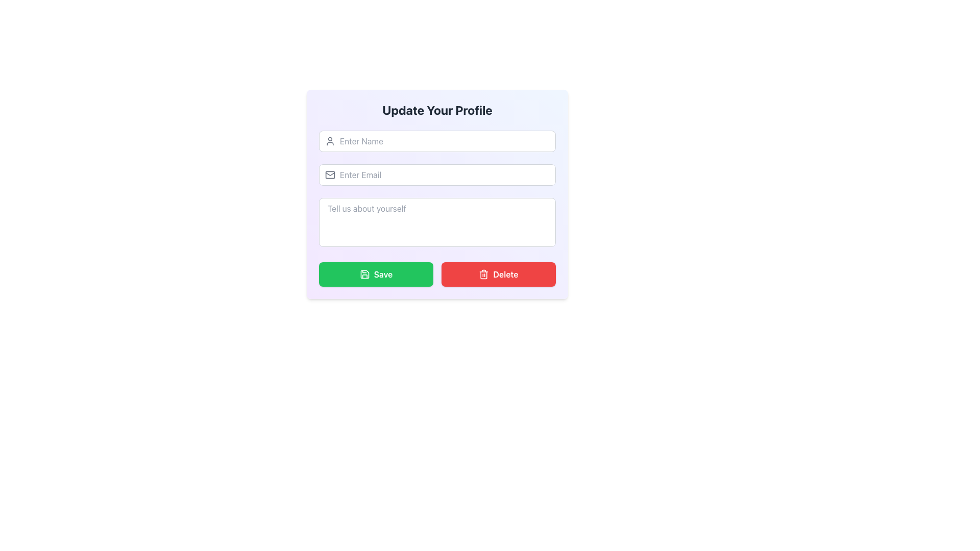 Image resolution: width=980 pixels, height=551 pixels. I want to click on the green circular floppy disk icon located to the left of the Save button in the bottom-left corner of the pop-up form, so click(364, 273).